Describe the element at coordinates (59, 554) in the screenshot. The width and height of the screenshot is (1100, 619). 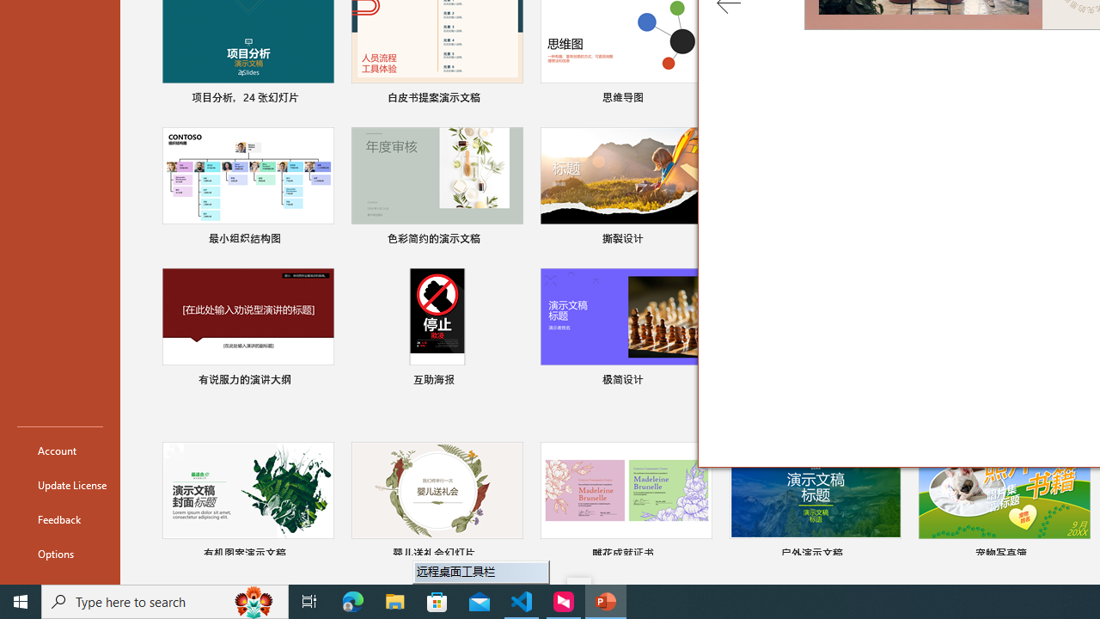
I see `'Options'` at that location.